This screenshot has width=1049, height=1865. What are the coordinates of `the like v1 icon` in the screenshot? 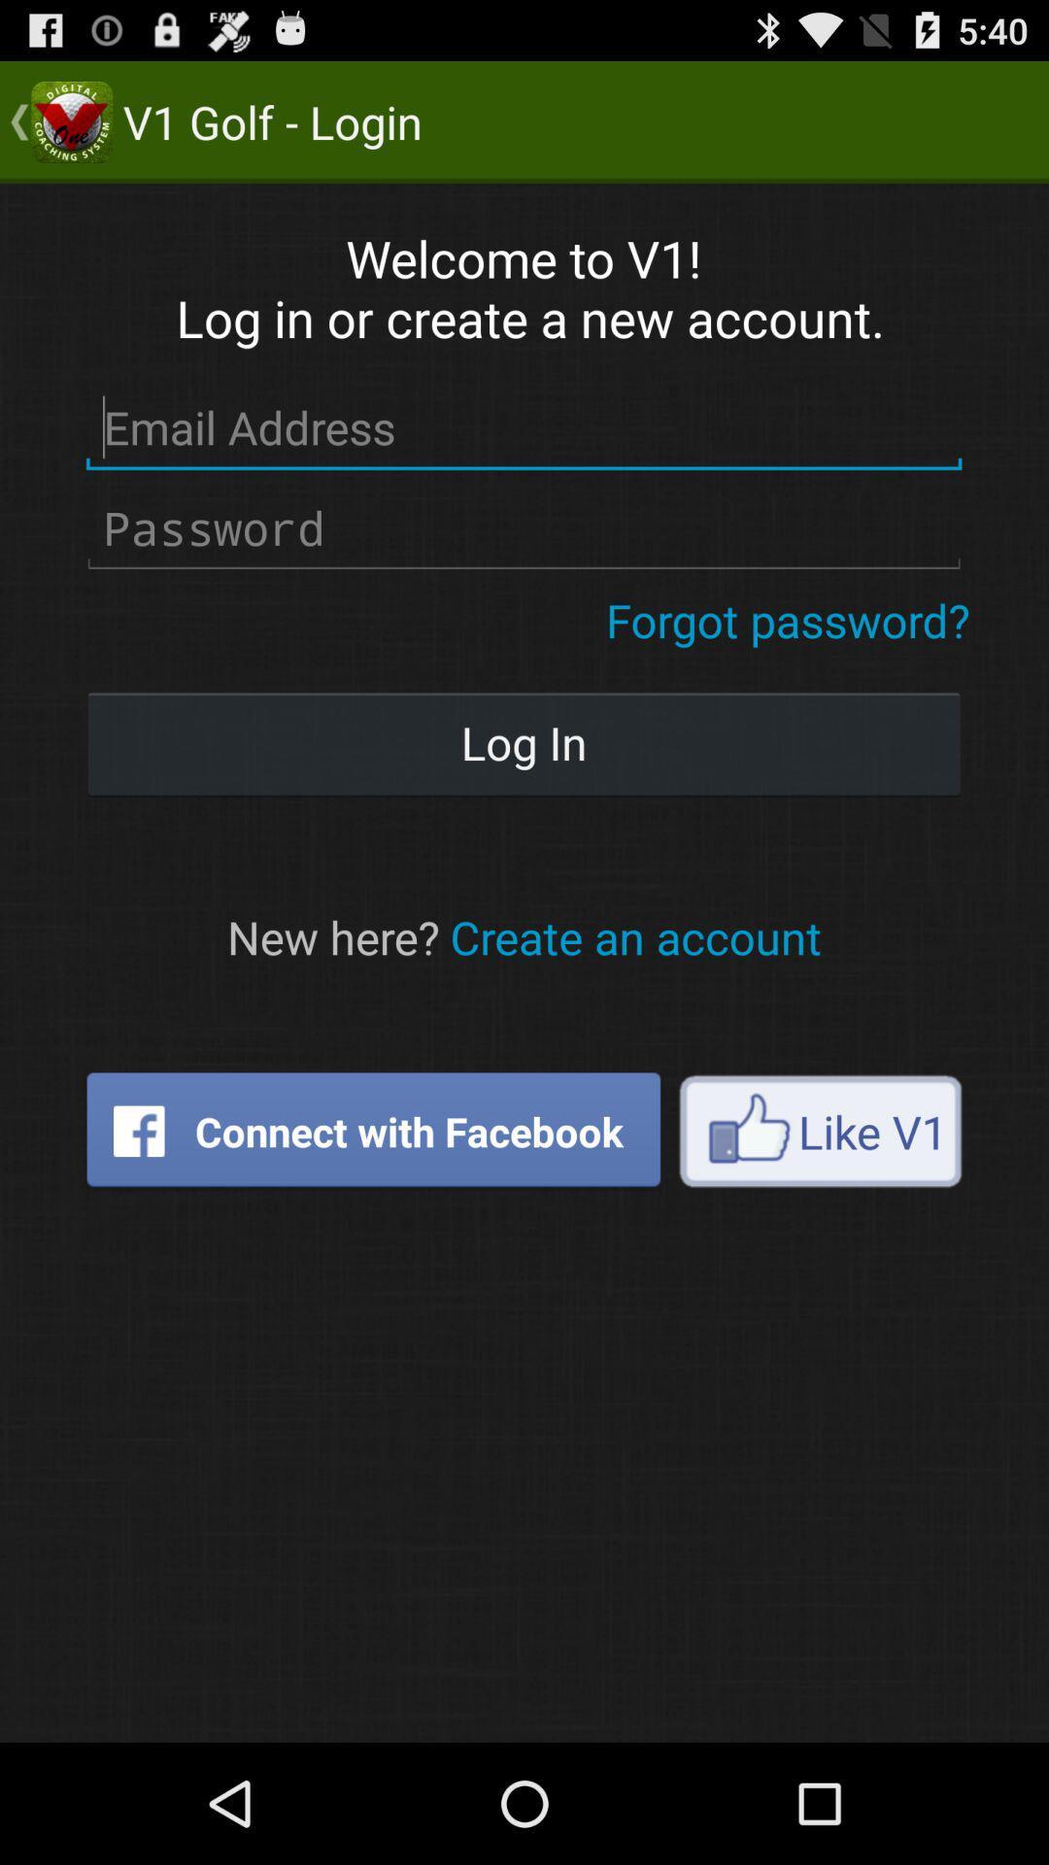 It's located at (820, 1131).